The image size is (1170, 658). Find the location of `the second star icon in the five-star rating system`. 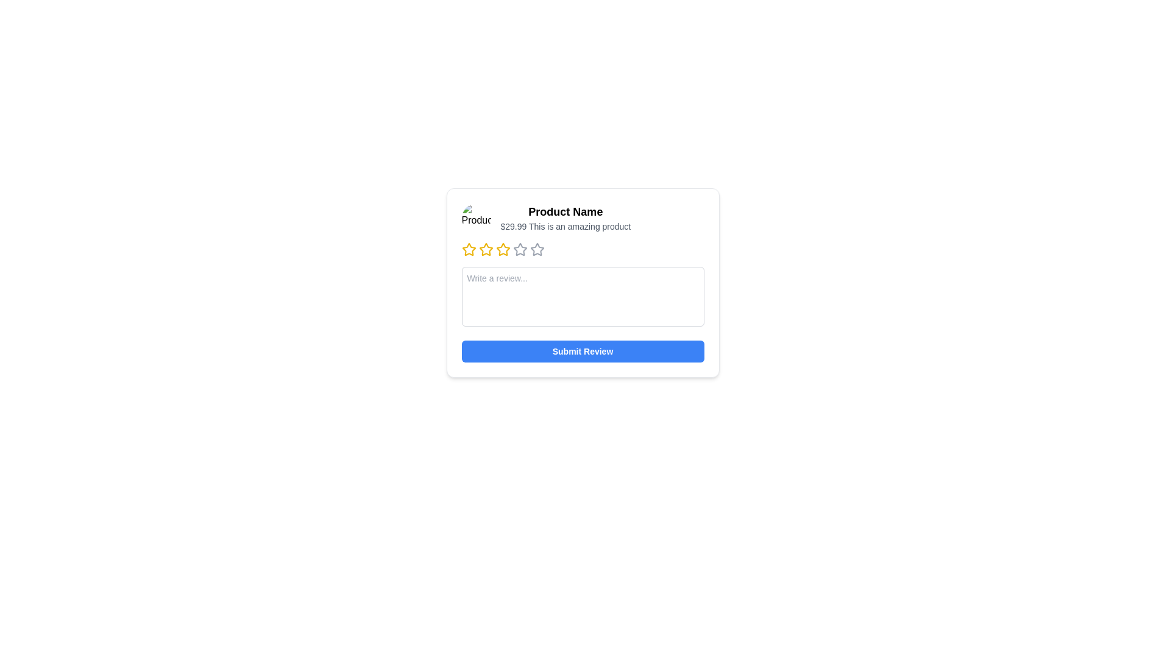

the second star icon in the five-star rating system is located at coordinates (485, 249).